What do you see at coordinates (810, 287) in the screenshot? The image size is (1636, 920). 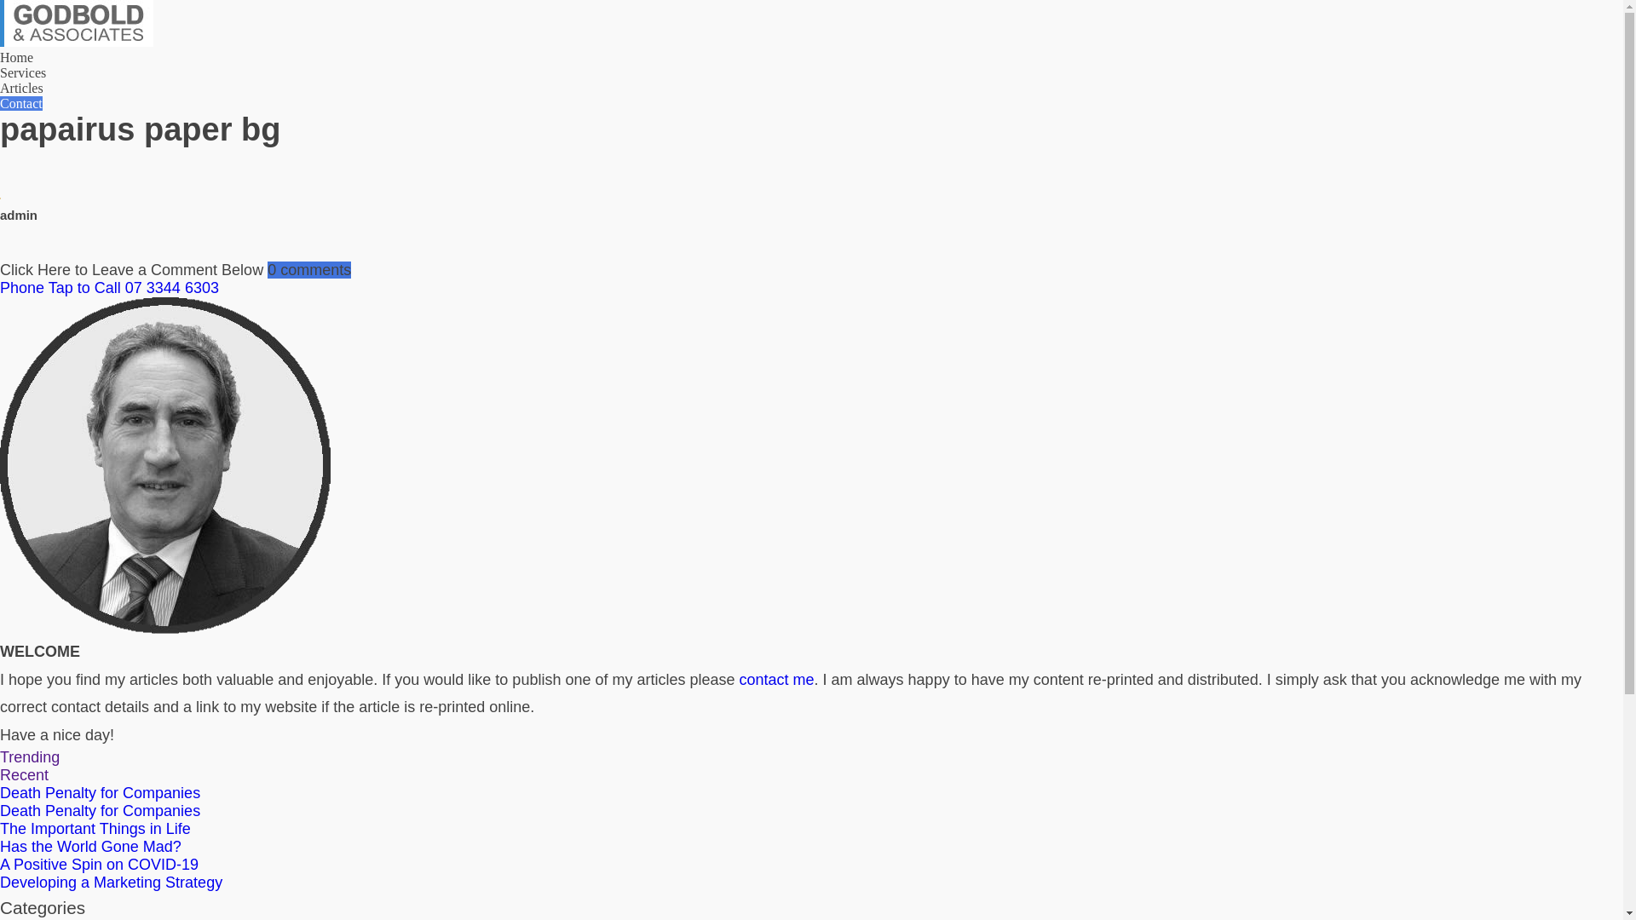 I see `'Phone Tap to Call 07 3344 6303'` at bounding box center [810, 287].